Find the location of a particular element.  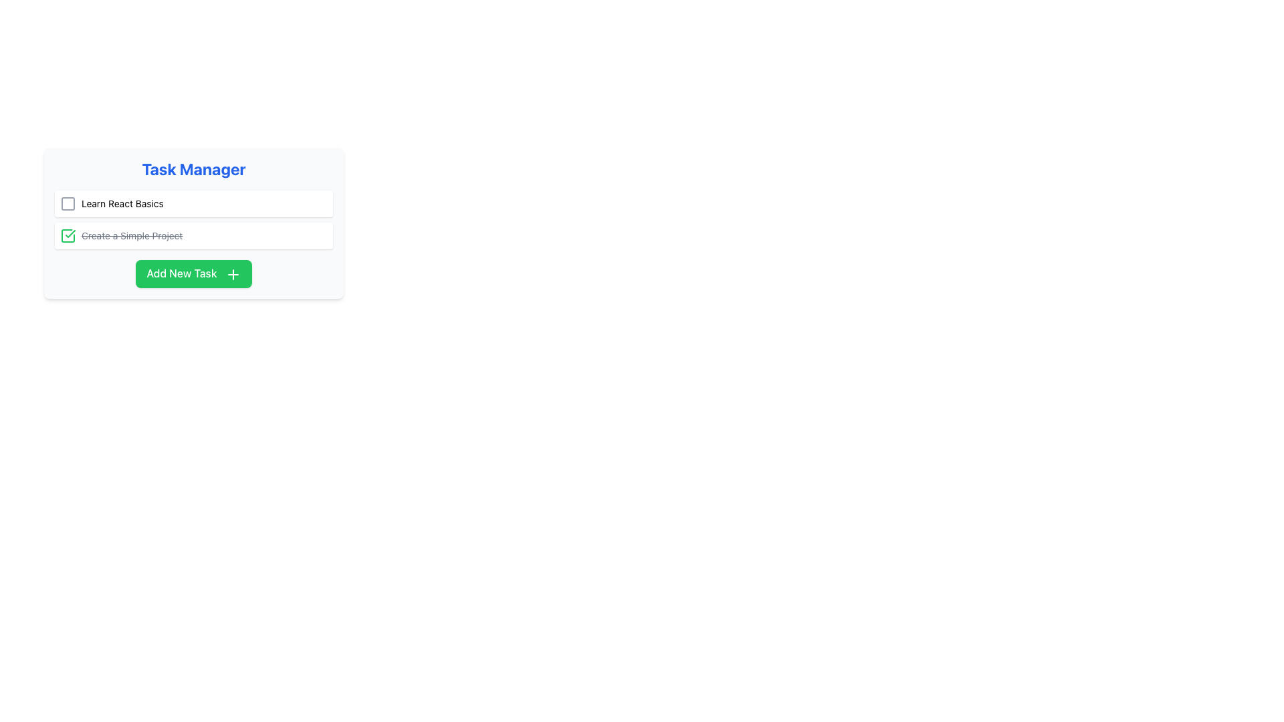

the first list item labeled 'Learn React Basics' in the Task Manager is located at coordinates (112, 203).